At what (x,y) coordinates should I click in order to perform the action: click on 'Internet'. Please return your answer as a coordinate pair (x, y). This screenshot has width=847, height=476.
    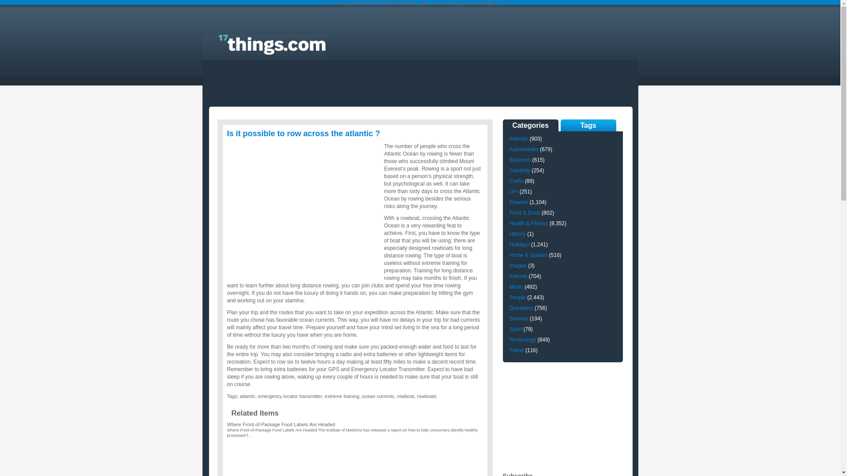
    Looking at the image, I should click on (509, 276).